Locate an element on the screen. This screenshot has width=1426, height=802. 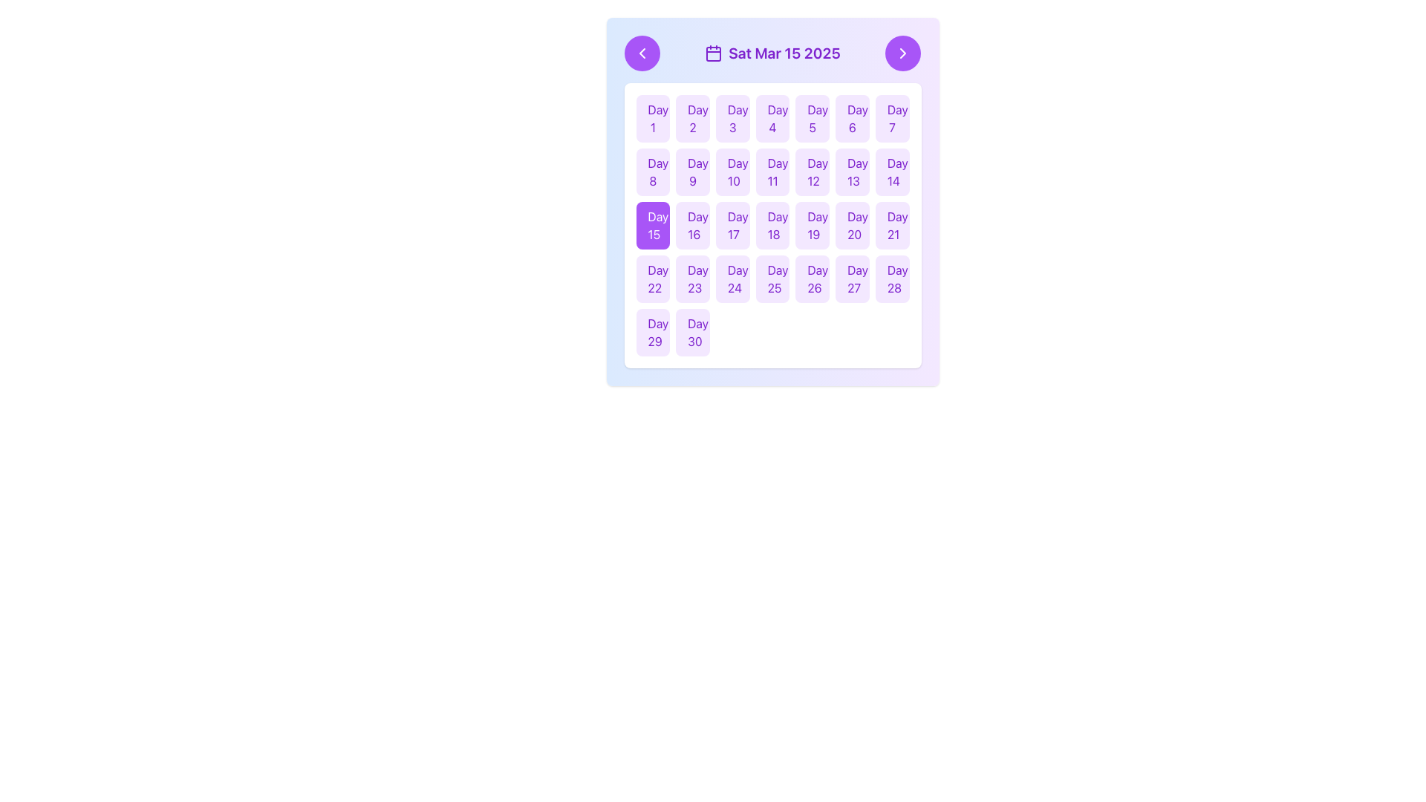
the prominent purple button labeled 'Day 15' is located at coordinates (653, 226).